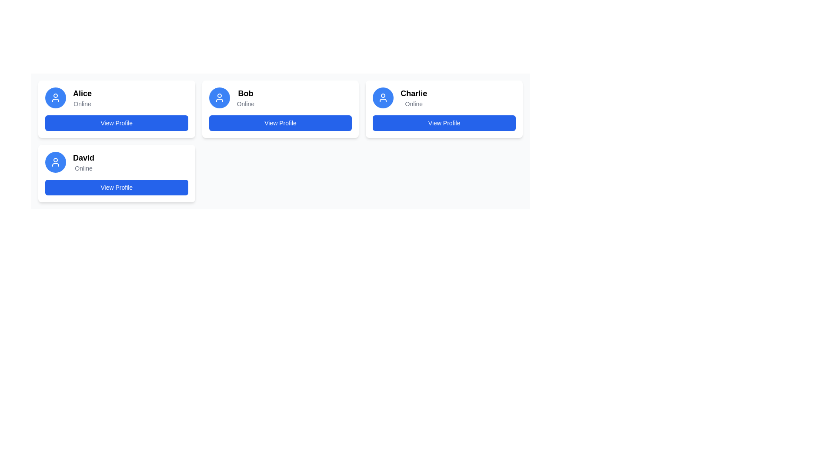  I want to click on the user's name text label, so click(413, 94).